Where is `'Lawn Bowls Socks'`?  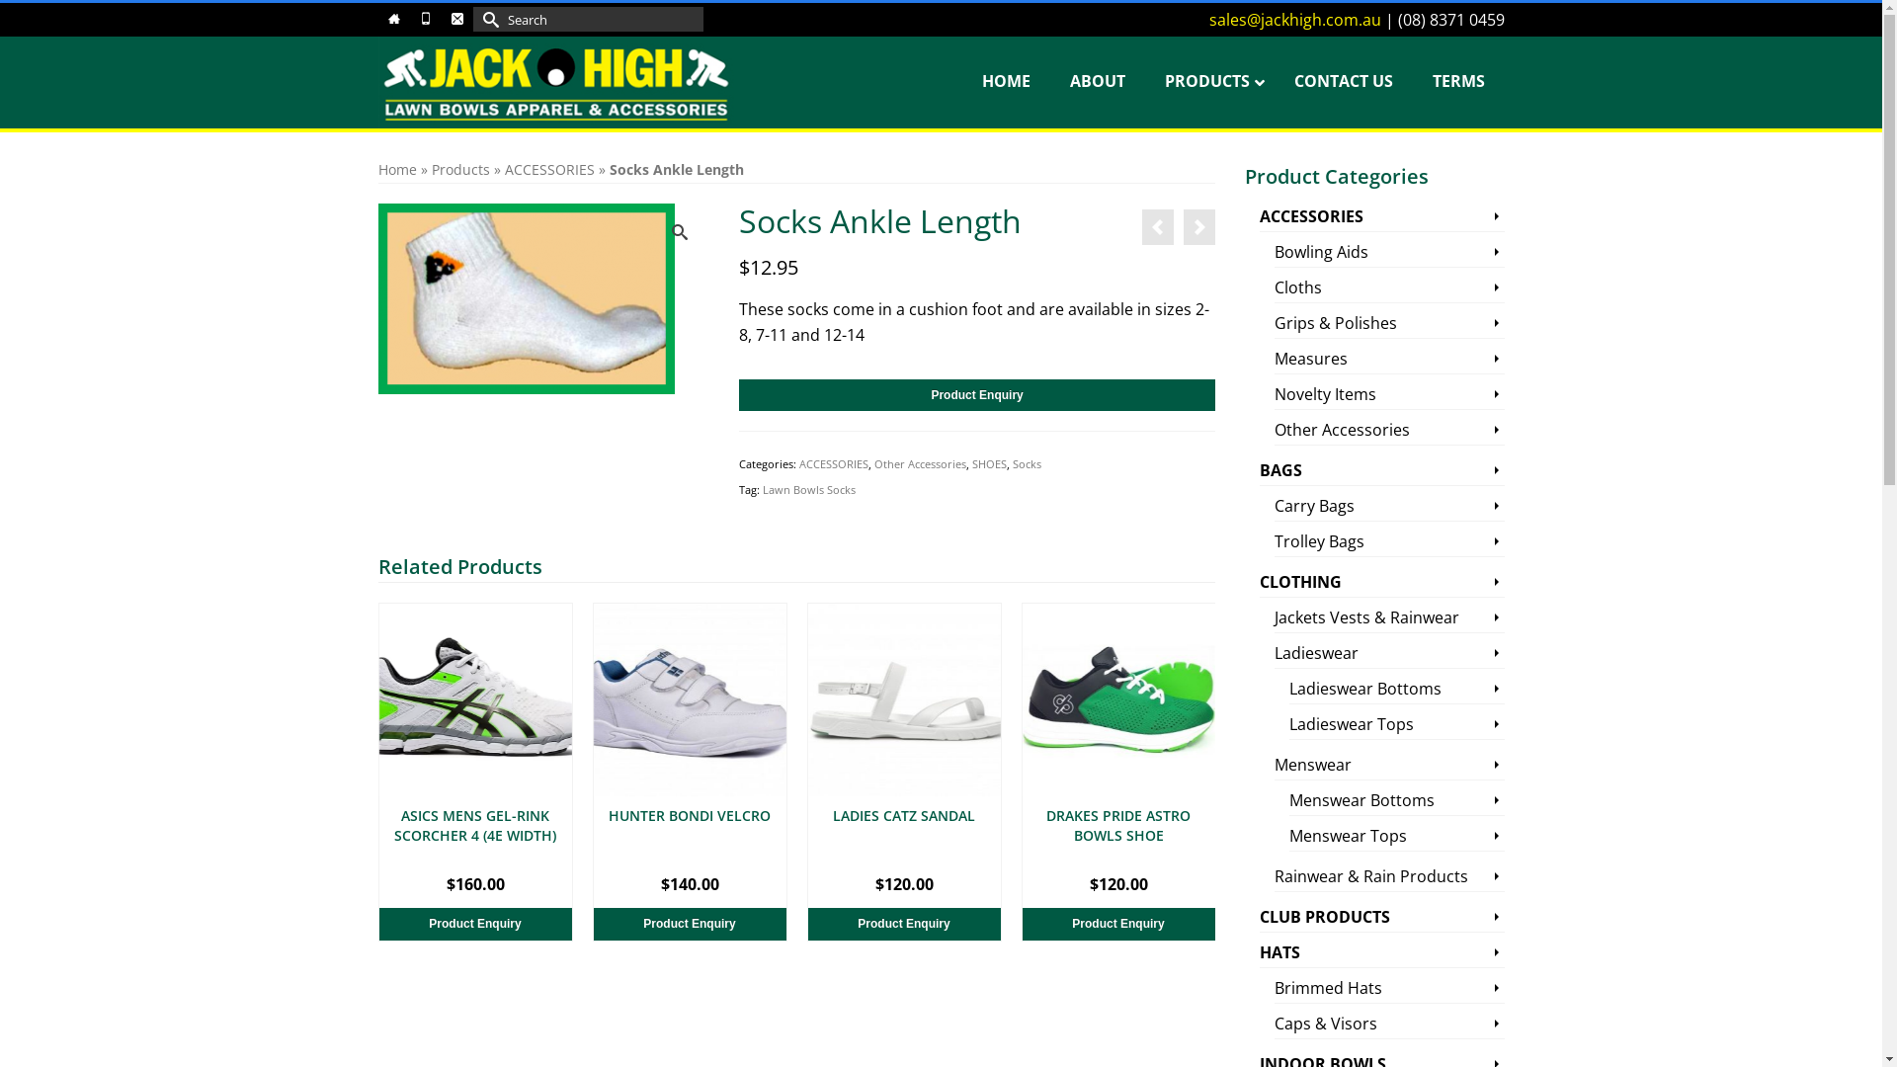
'Lawn Bowls Socks' is located at coordinates (809, 489).